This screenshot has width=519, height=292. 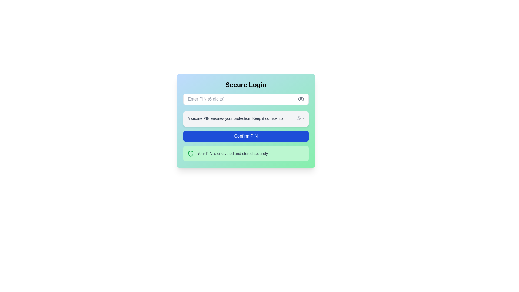 I want to click on the eye icon inside the password input field, so click(x=301, y=99).